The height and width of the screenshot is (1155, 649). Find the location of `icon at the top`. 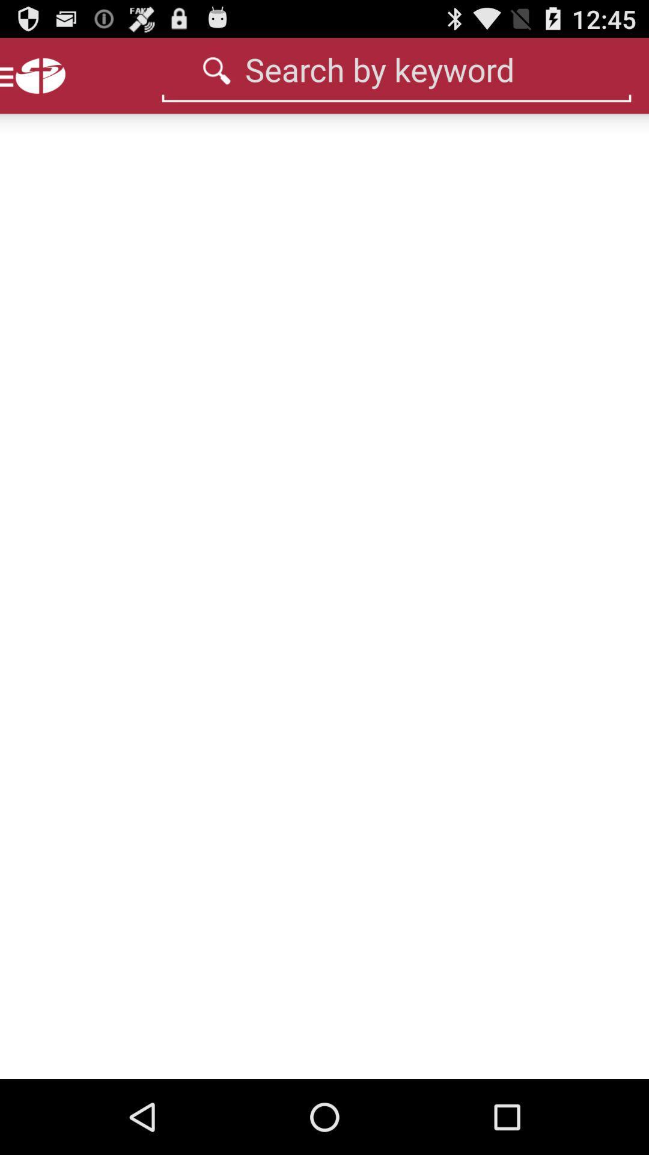

icon at the top is located at coordinates (396, 69).